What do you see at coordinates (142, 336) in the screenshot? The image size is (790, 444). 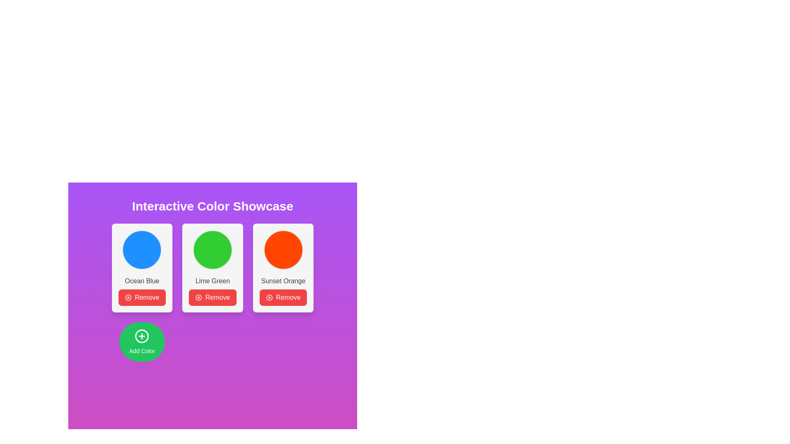 I see `the icon within the green 'Add Color' button` at bounding box center [142, 336].